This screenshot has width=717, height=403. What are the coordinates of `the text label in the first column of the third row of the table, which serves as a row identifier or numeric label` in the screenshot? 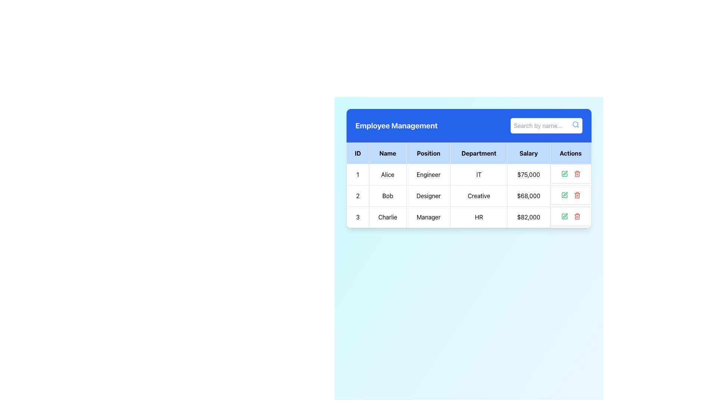 It's located at (357, 217).